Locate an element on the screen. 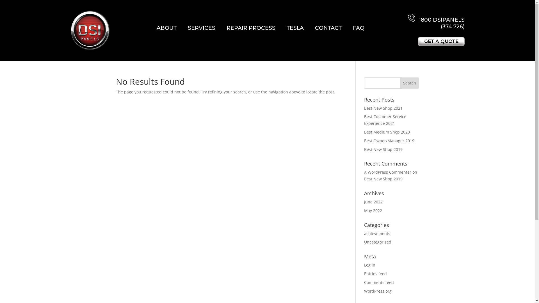 This screenshot has width=539, height=303. 'Entries feed' is located at coordinates (375, 273).